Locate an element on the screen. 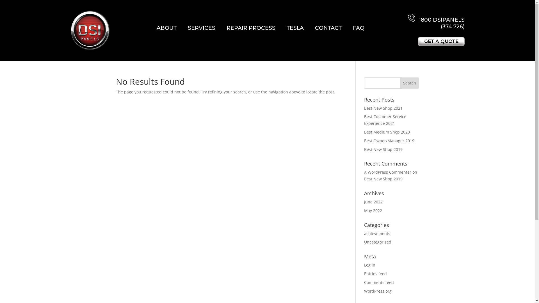 This screenshot has width=539, height=303. 'Entries feed' is located at coordinates (375, 273).